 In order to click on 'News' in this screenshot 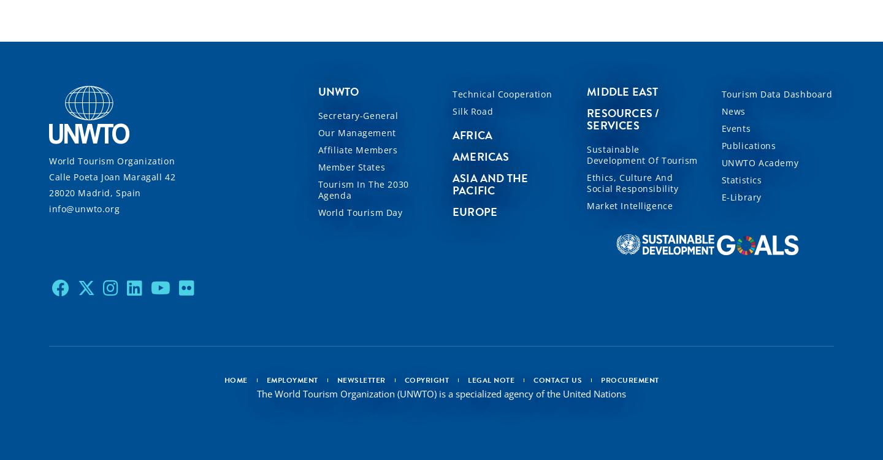, I will do `click(733, 110)`.